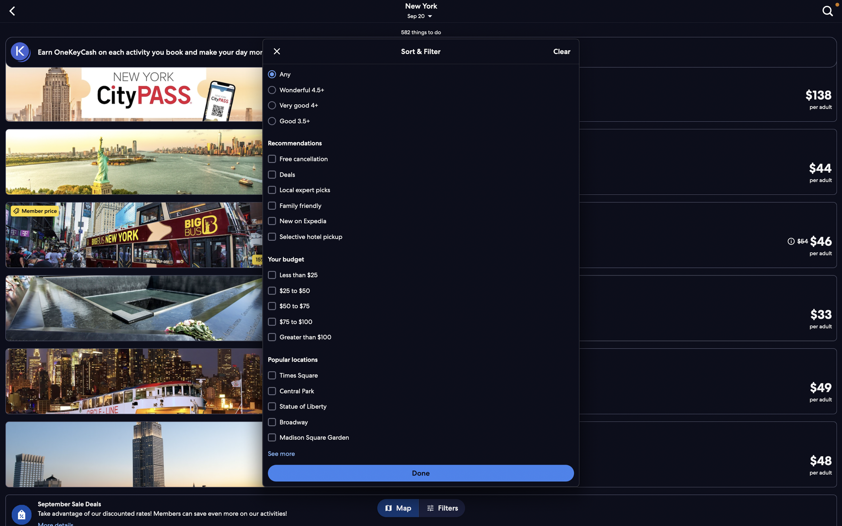 The height and width of the screenshot is (526, 842). Describe the element at coordinates (421, 236) in the screenshot. I see `"select hotel pickup" and "more than 100" options` at that location.